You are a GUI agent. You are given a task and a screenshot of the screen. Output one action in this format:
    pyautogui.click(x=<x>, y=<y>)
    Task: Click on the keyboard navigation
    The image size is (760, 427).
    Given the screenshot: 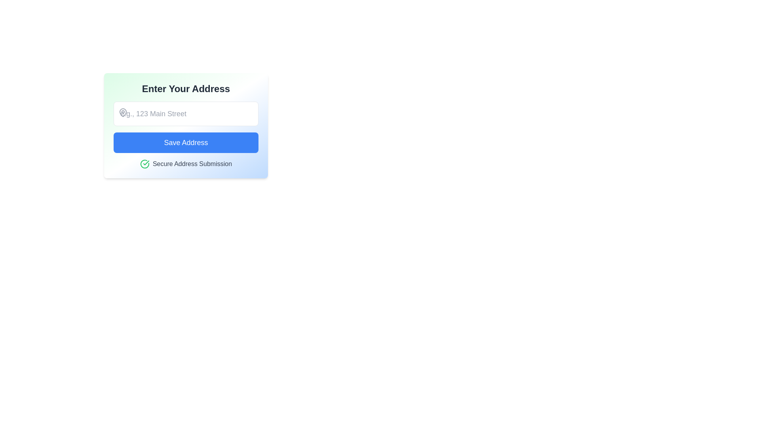 What is the action you would take?
    pyautogui.click(x=186, y=125)
    